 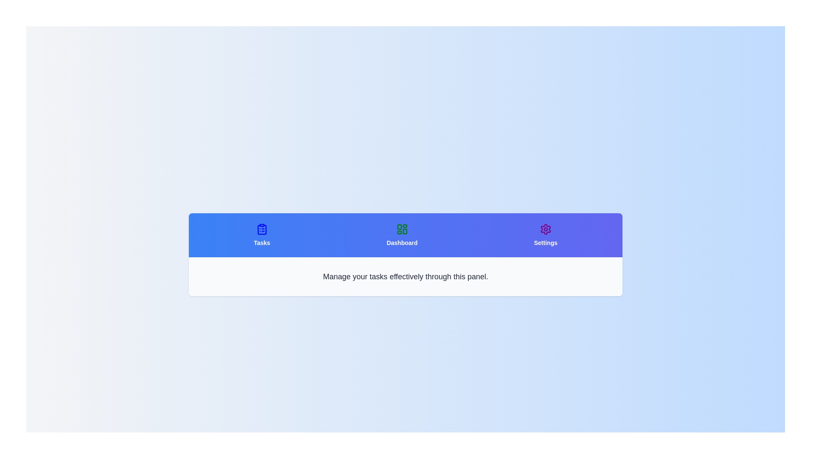 What do you see at coordinates (261, 235) in the screenshot?
I see `the Tasks tab to activate its content` at bounding box center [261, 235].